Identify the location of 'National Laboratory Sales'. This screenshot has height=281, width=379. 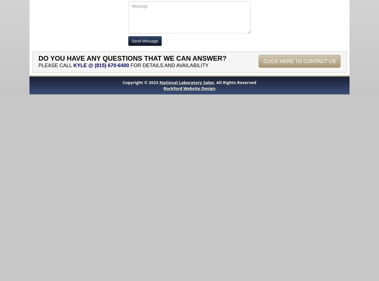
(187, 82).